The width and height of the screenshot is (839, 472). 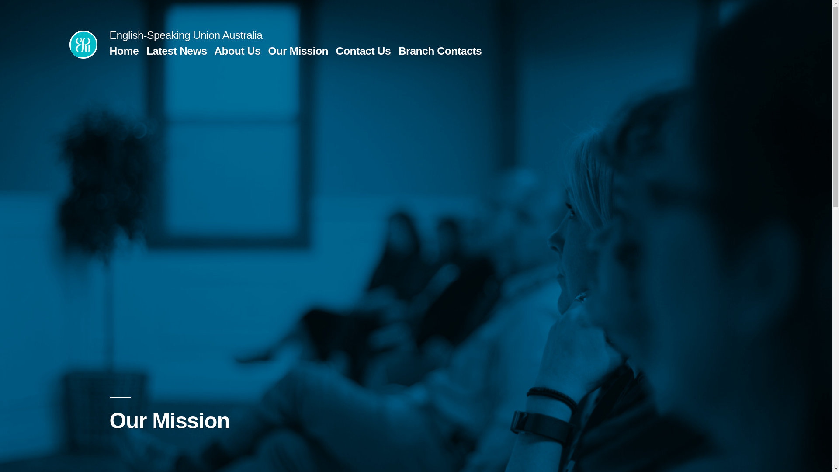 What do you see at coordinates (335, 51) in the screenshot?
I see `'Contact Us'` at bounding box center [335, 51].